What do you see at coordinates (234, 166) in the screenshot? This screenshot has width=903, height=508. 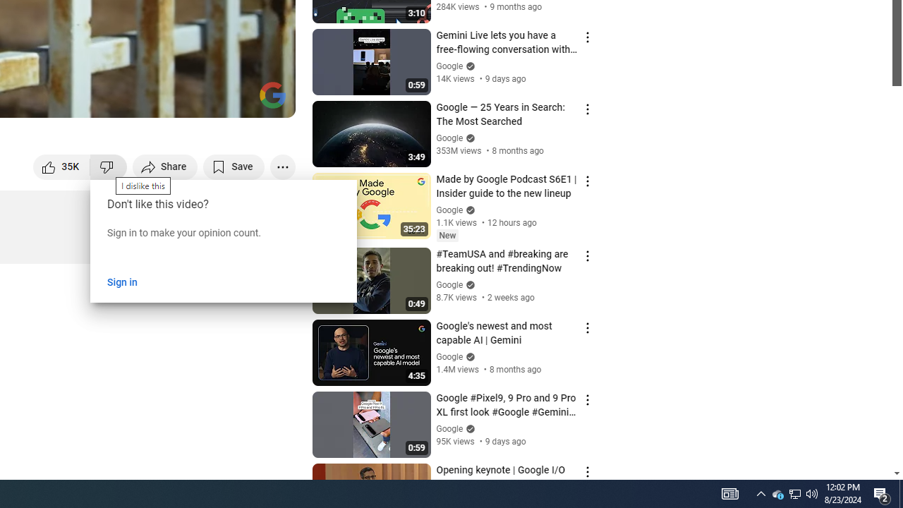 I see `'Save to playlist'` at bounding box center [234, 166].